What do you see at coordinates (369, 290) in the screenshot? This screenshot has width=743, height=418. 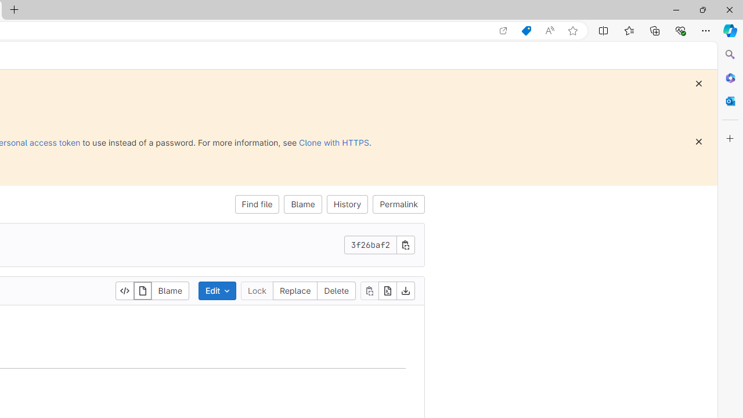 I see `'Copy file contents'` at bounding box center [369, 290].